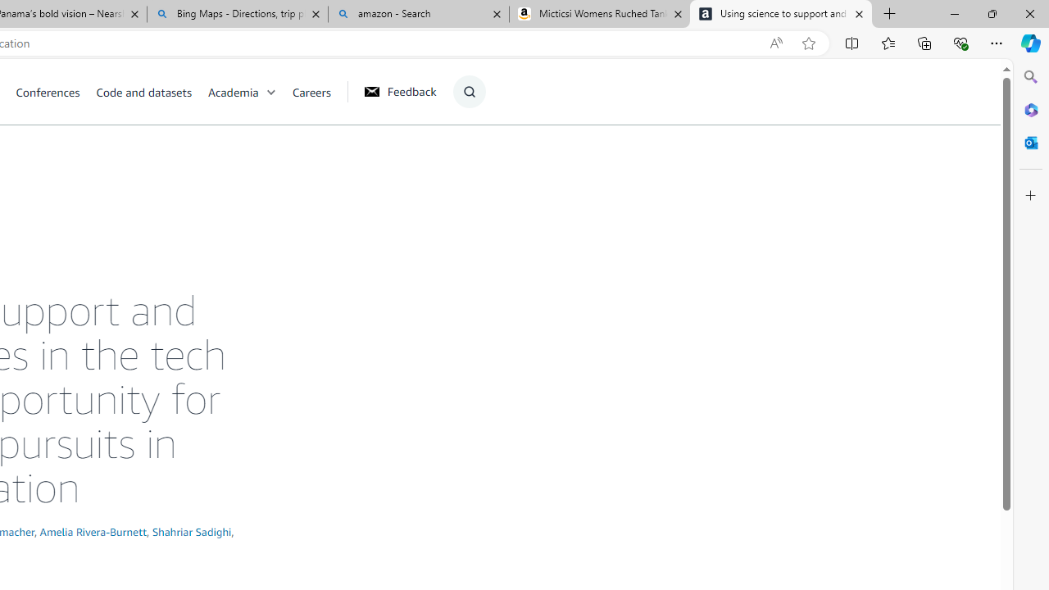 The height and width of the screenshot is (590, 1049). What do you see at coordinates (249, 91) in the screenshot?
I see `'Academia'` at bounding box center [249, 91].